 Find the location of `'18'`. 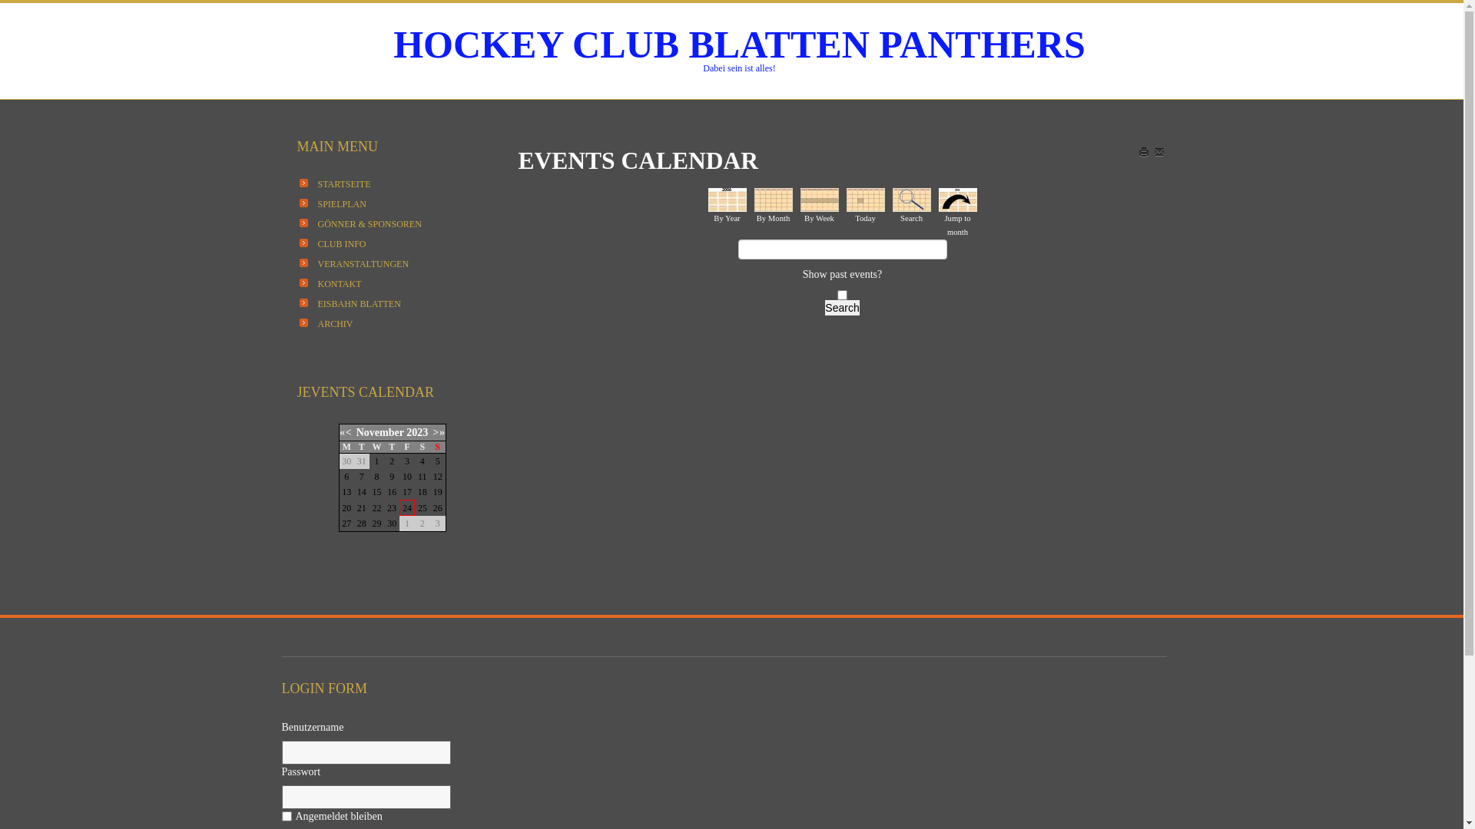

'18' is located at coordinates (423, 491).